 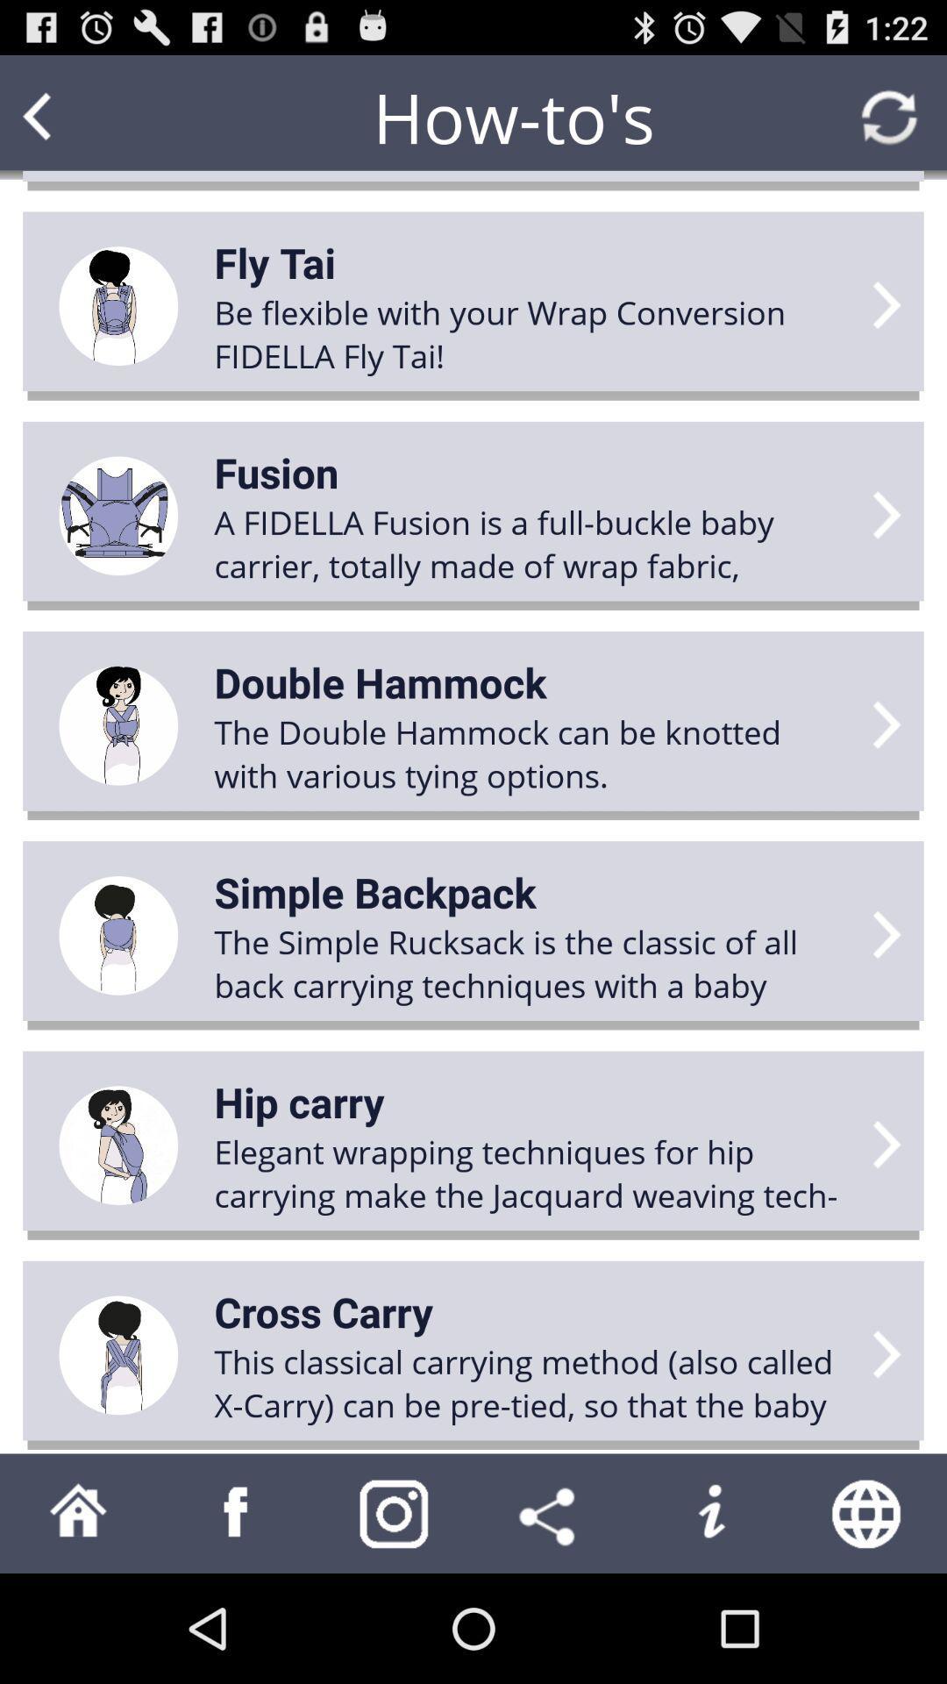 I want to click on the home icon, so click(x=77, y=1619).